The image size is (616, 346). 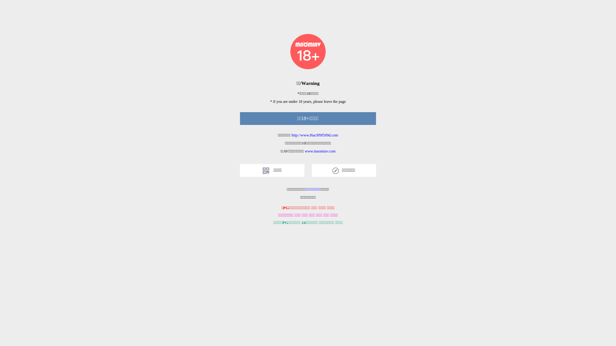 I want to click on 'www.maomiav.com', so click(x=320, y=151).